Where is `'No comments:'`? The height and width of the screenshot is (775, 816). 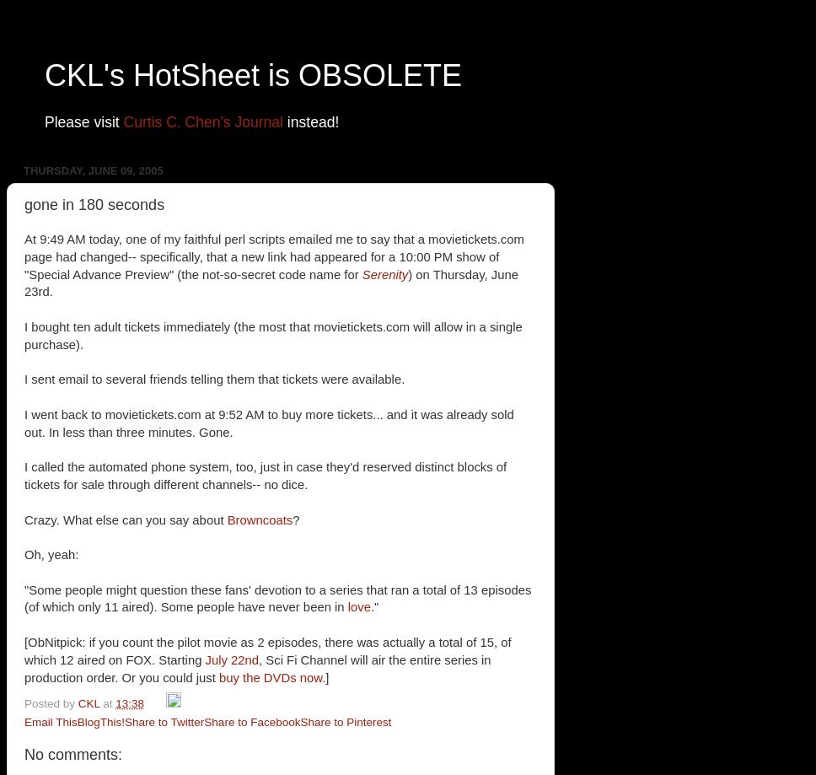
'No comments:' is located at coordinates (24, 754).